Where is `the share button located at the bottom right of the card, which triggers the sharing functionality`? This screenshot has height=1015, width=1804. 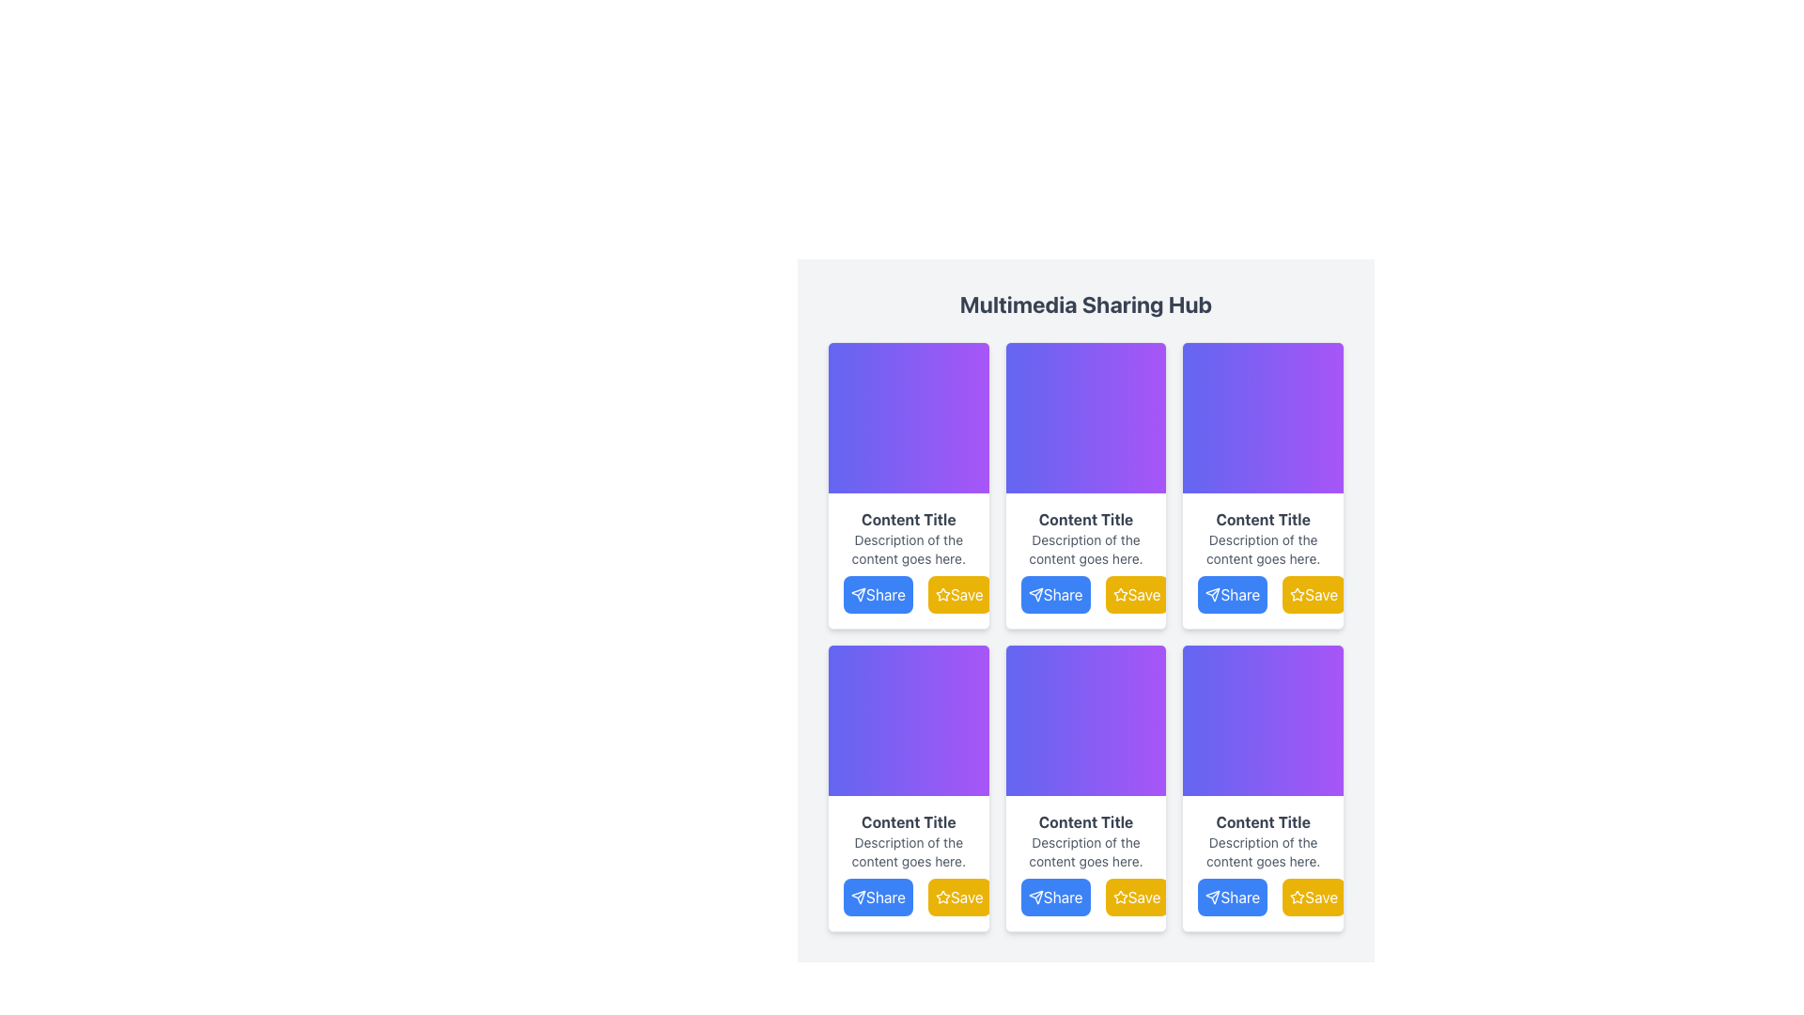 the share button located at the bottom right of the card, which triggers the sharing functionality is located at coordinates (1263, 897).